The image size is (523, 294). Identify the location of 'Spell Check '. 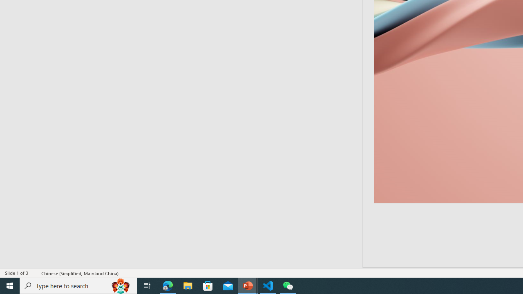
(35, 273).